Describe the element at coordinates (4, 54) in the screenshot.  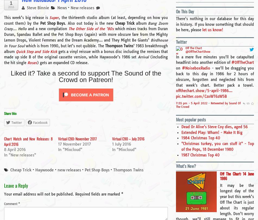
I see `'gets a vinyl reissue with a bonus disc including the remixes that made up side B of the original cassette version, while Haywoode’s 1986 set'` at that location.